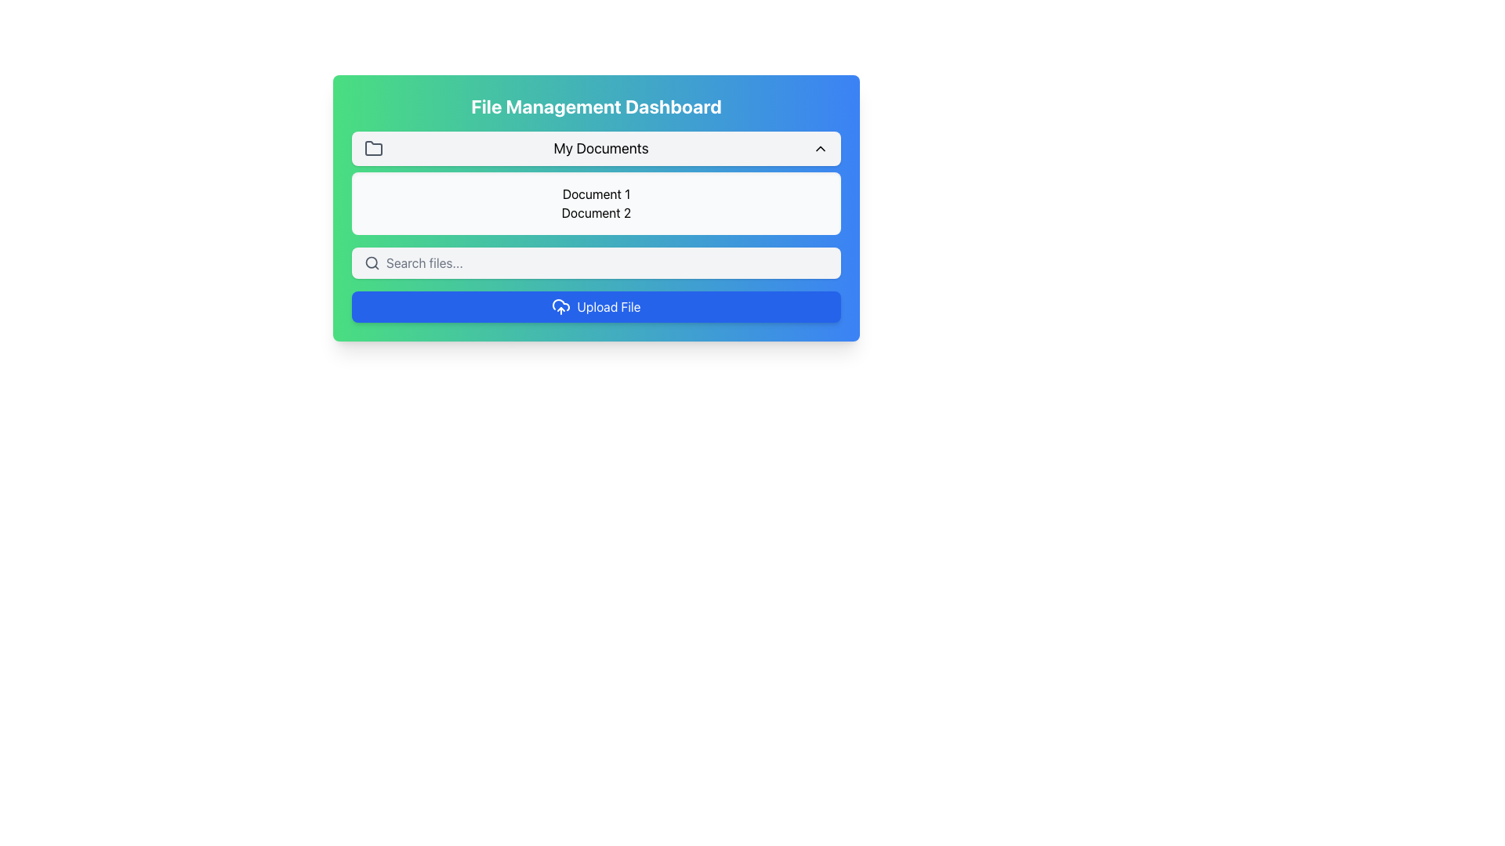 The width and height of the screenshot is (1505, 846). I want to click on the graphical icon resembling a folder, which is styled with a defined outline and no fill, located in the top section of the file management dashboard interface, specifically to the left of the 'My Documents' label, so click(372, 148).